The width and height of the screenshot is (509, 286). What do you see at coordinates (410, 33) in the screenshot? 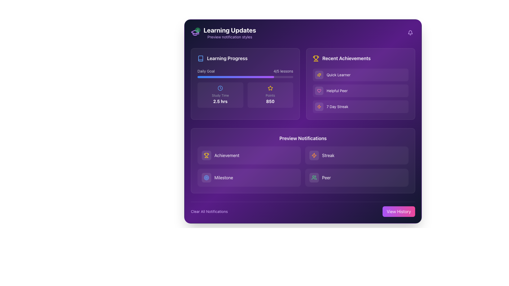
I see `the notification bell icon located in the top-right corner of the interface` at bounding box center [410, 33].